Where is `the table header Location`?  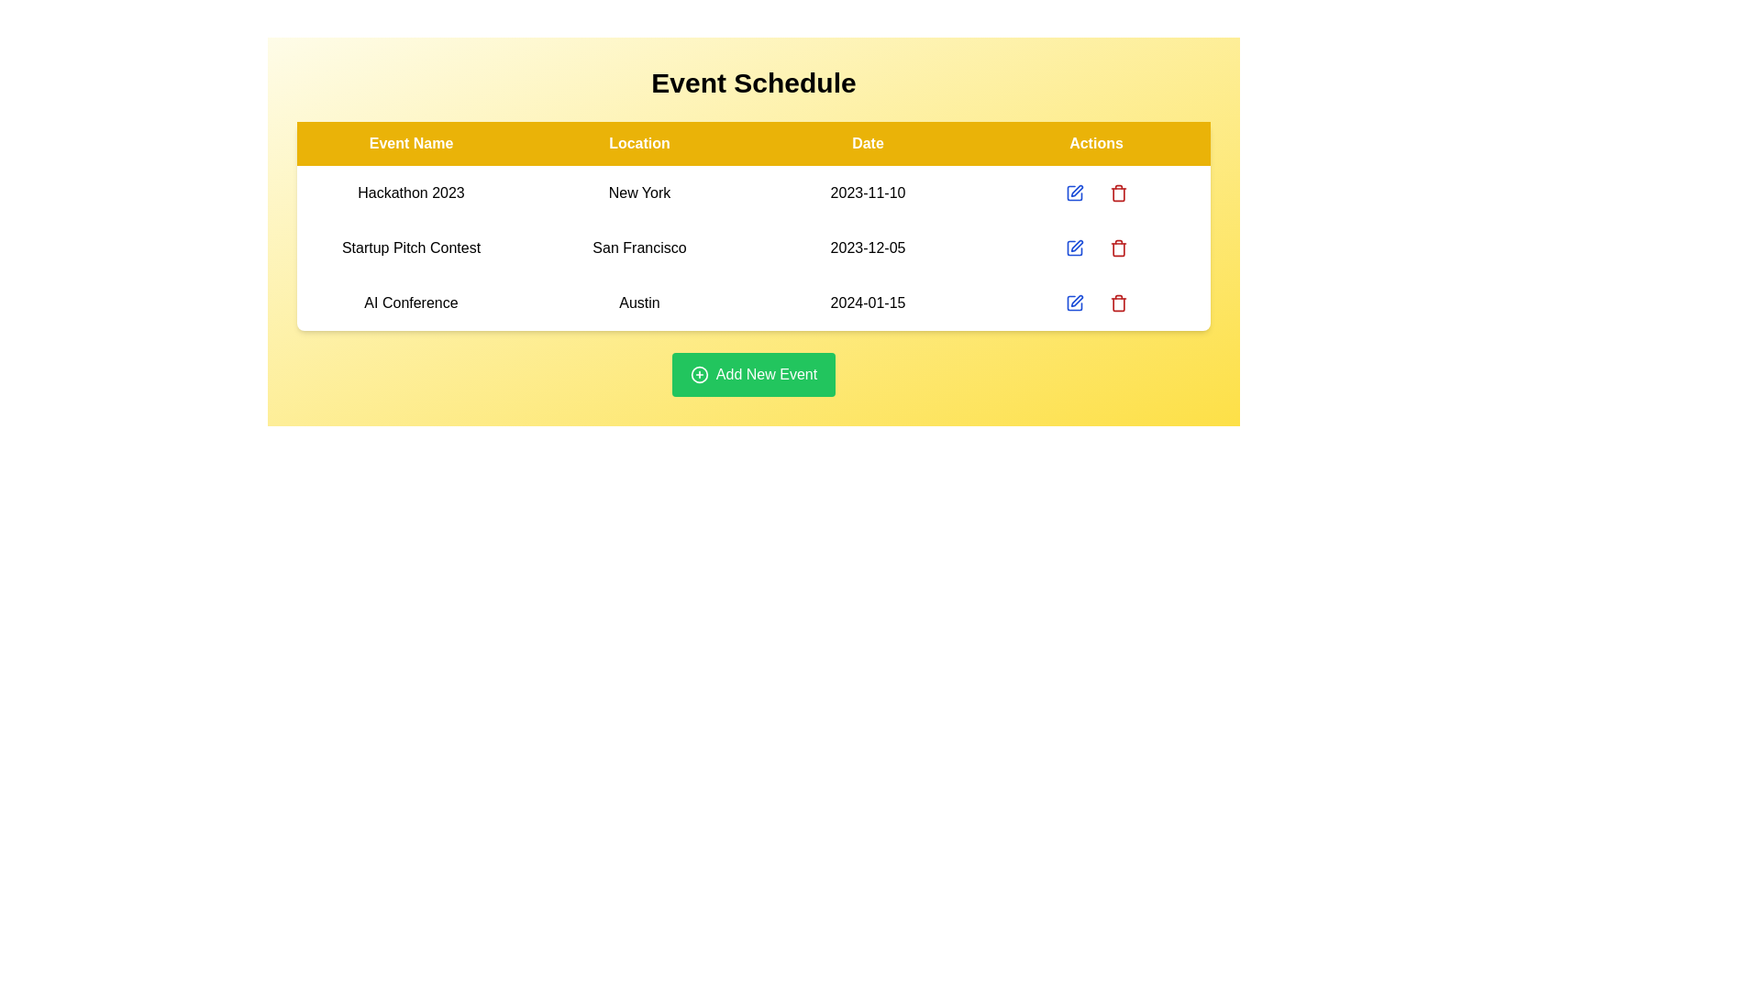 the table header Location is located at coordinates (639, 143).